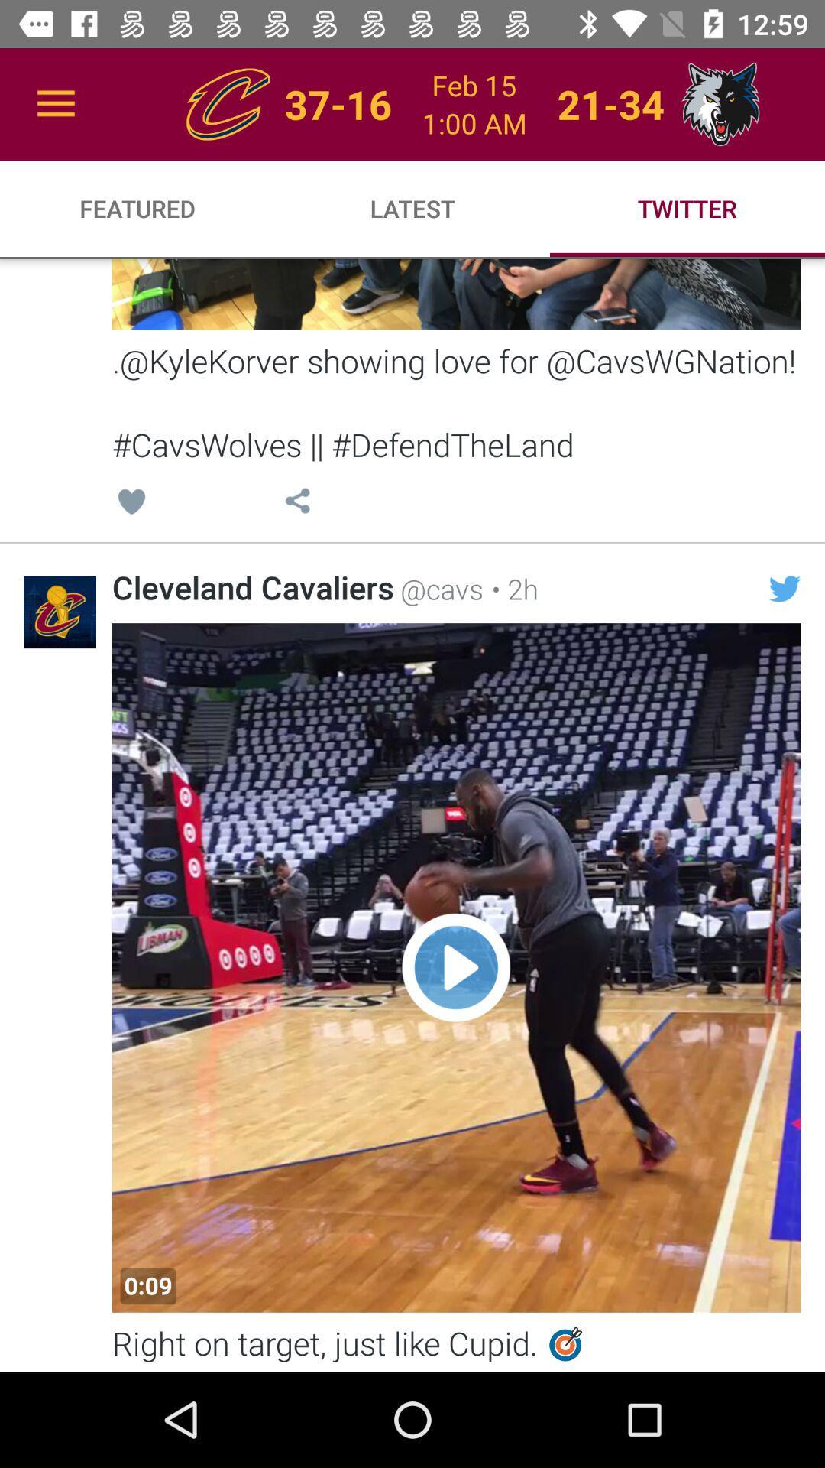 The width and height of the screenshot is (825, 1468). Describe the element at coordinates (785, 588) in the screenshot. I see `the item below kylekorver showing love item` at that location.